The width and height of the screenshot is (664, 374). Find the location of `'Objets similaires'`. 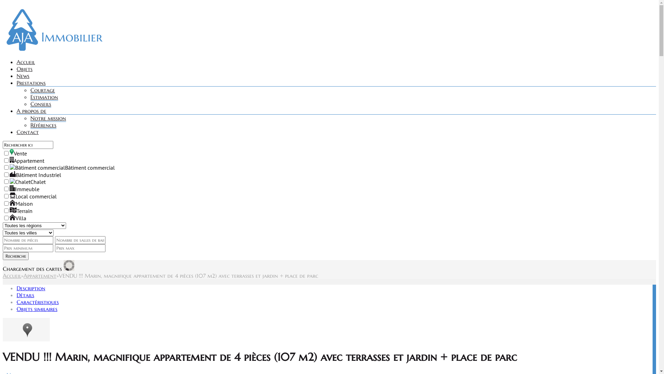

'Objets similaires' is located at coordinates (36, 308).